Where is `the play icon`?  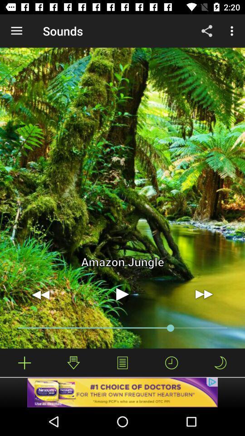
the play icon is located at coordinates (122, 294).